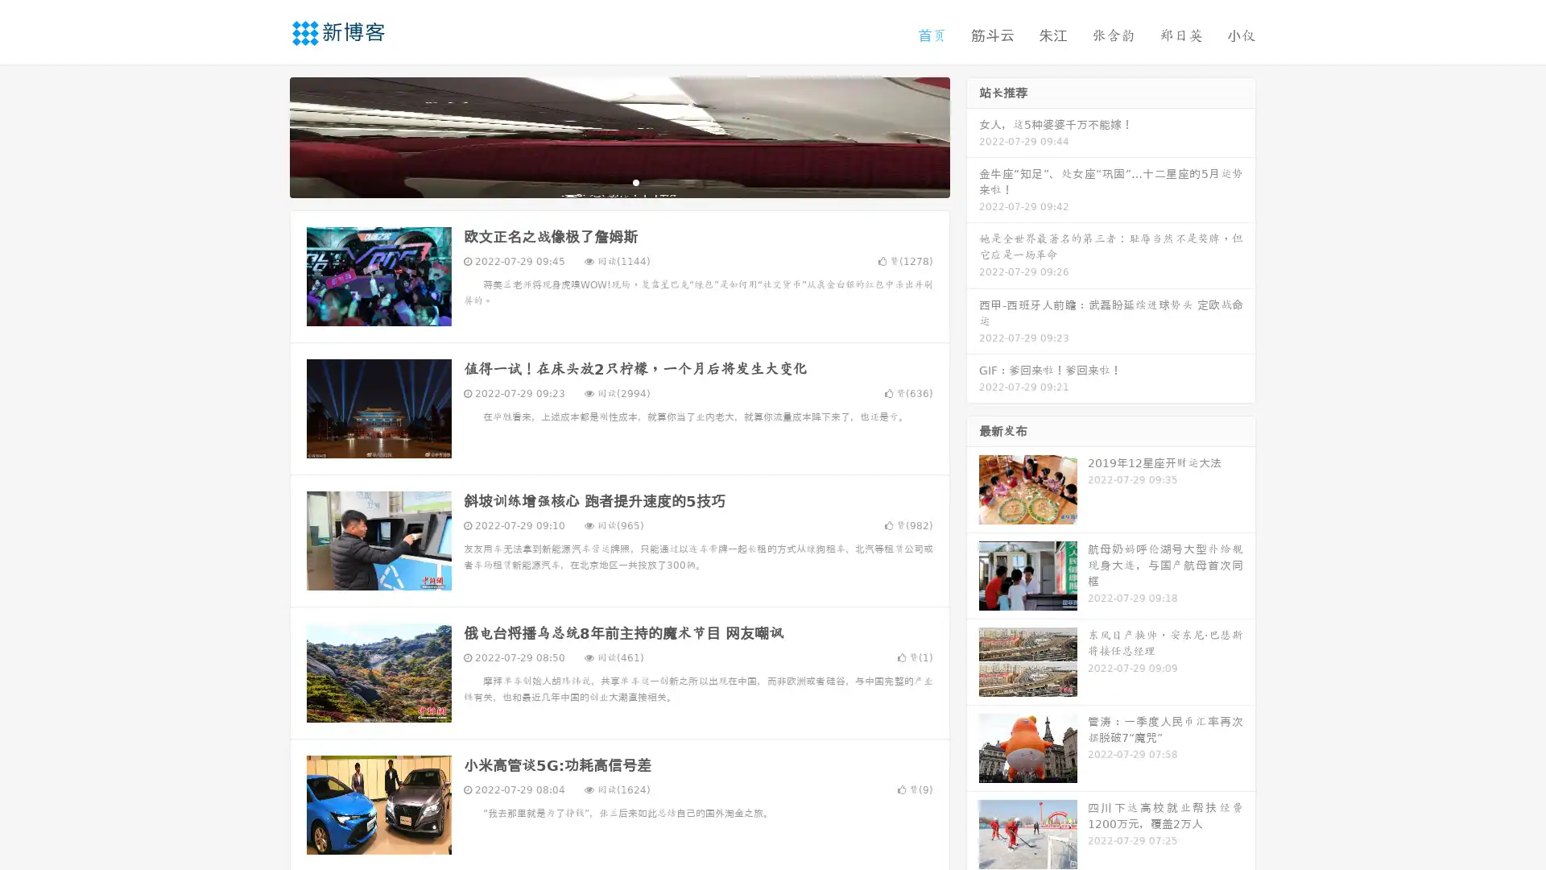  What do you see at coordinates (602, 181) in the screenshot?
I see `Go to slide 1` at bounding box center [602, 181].